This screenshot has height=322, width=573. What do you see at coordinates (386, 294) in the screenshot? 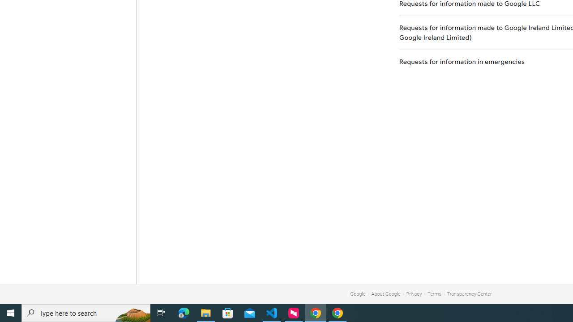
I see `'About Google'` at bounding box center [386, 294].